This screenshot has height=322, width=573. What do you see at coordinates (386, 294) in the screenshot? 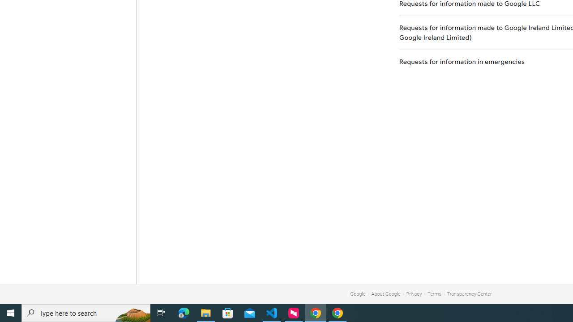
I see `'About Google'` at bounding box center [386, 294].